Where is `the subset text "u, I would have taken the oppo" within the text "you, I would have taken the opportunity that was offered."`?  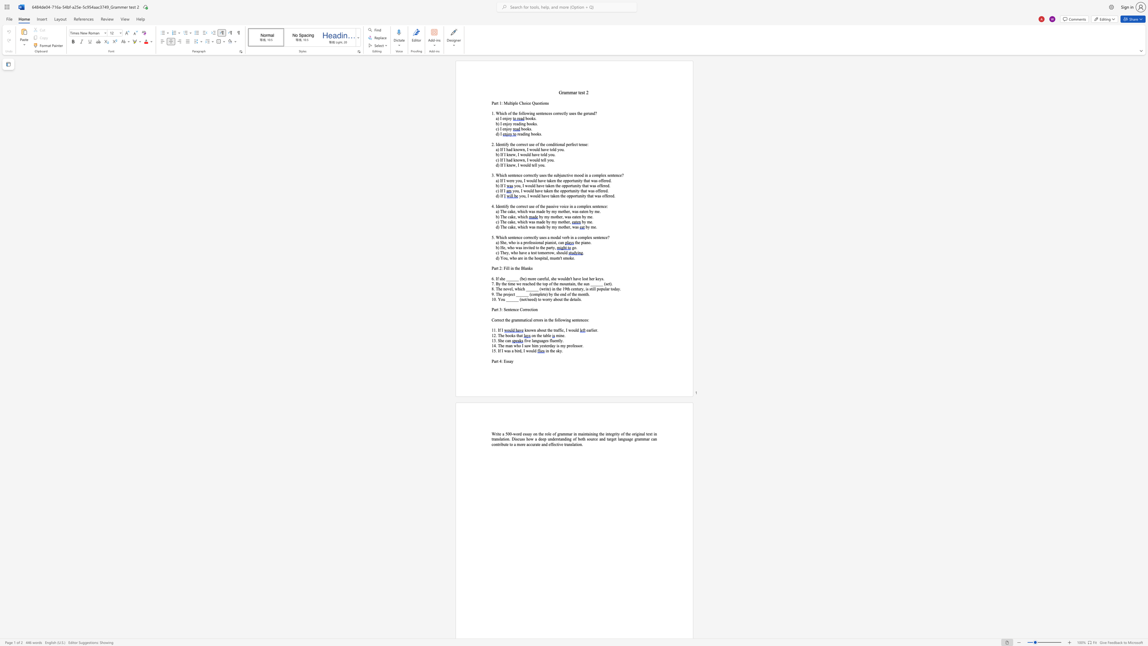 the subset text "u, I would have taken the oppo" within the text "you, I would have taken the opportunity that was offered." is located at coordinates (517, 185).